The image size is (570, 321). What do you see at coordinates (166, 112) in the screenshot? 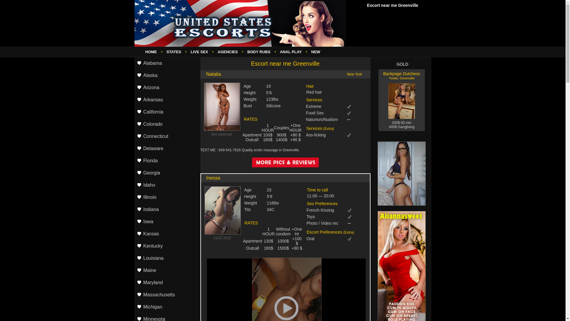
I see `'California'` at bounding box center [166, 112].